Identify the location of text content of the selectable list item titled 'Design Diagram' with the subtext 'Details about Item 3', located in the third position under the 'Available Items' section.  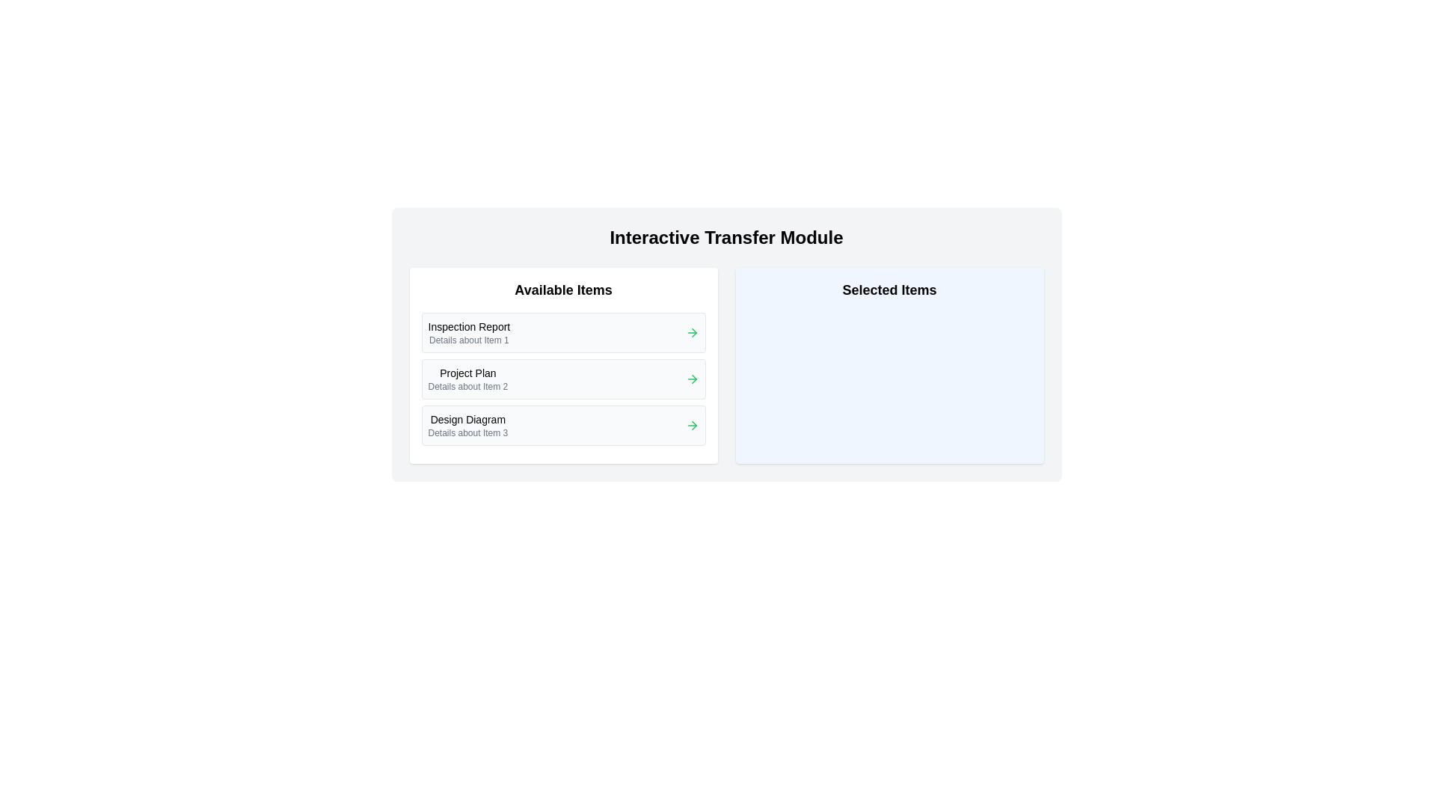
(562, 426).